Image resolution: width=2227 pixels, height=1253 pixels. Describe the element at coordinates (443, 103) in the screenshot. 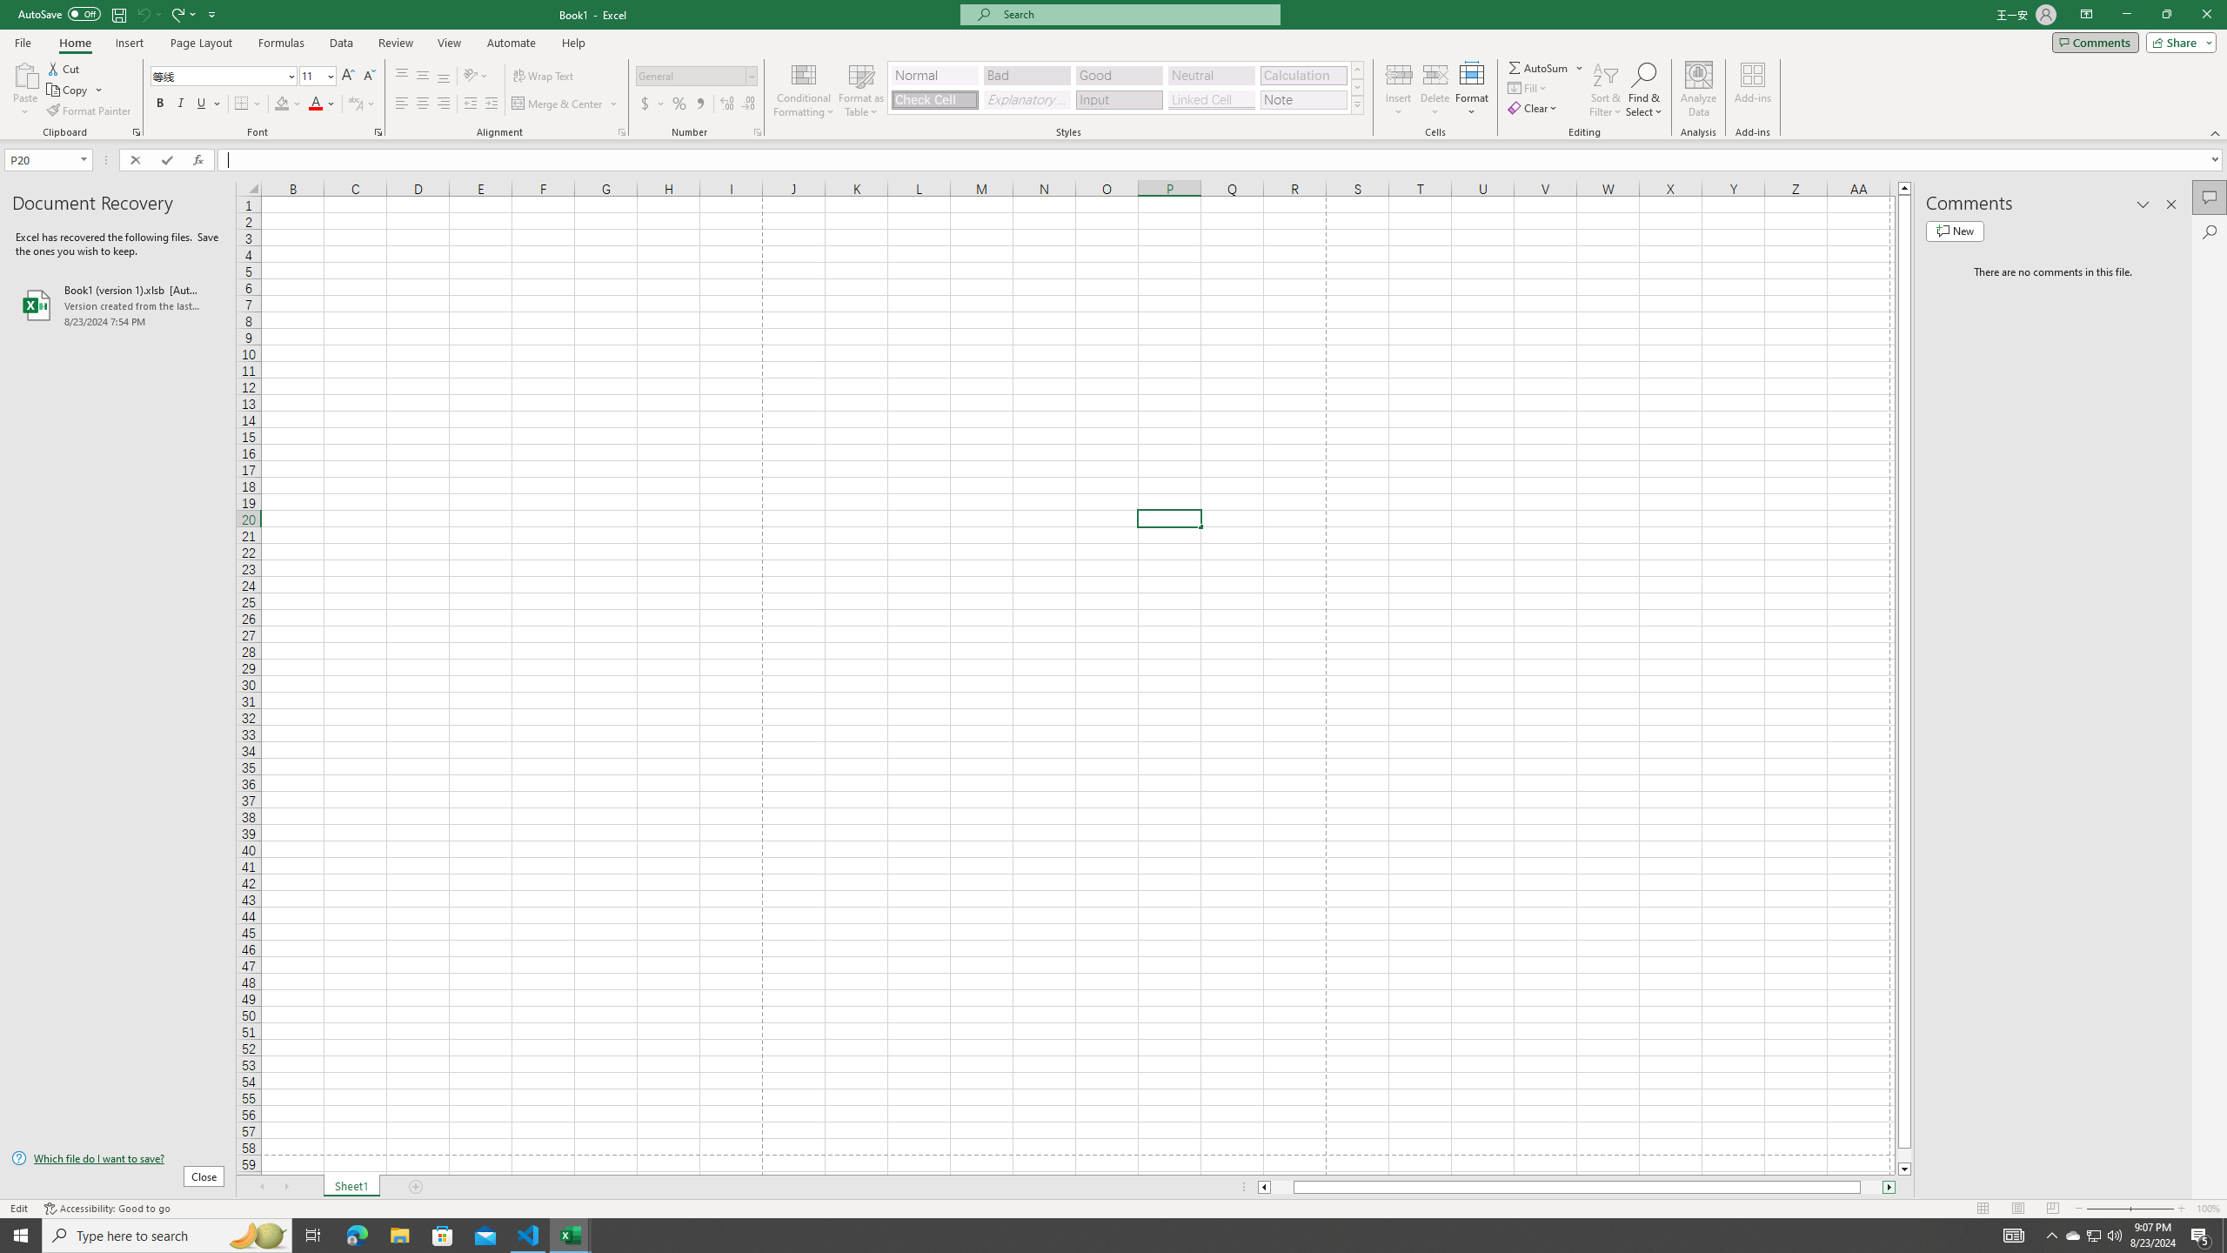

I see `'Align Right'` at that location.